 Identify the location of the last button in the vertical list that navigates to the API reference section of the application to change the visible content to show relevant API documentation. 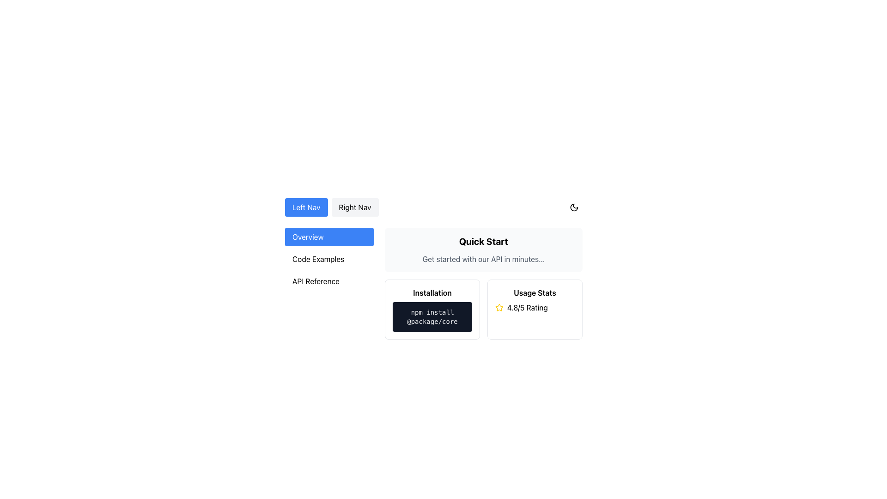
(329, 281).